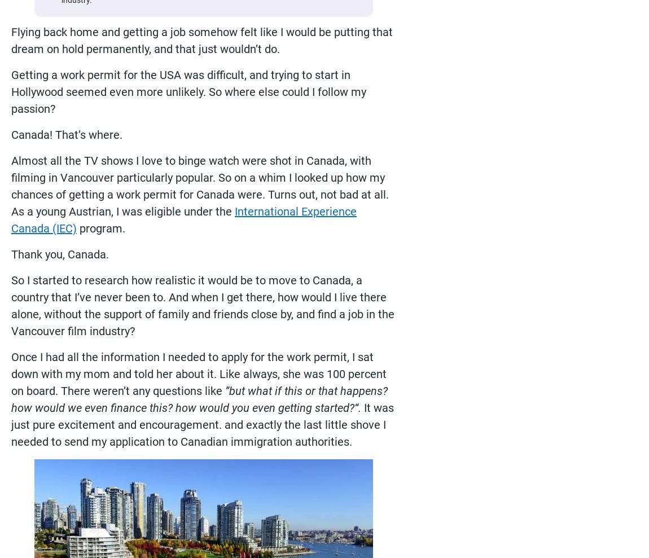 This screenshot has height=558, width=649. What do you see at coordinates (371, 302) in the screenshot?
I see `'Sign up for the Moving2Canada newsletter to get the latest immigration news and other updates to help you succeed in Canada. You can opt out at any time.'` at bounding box center [371, 302].